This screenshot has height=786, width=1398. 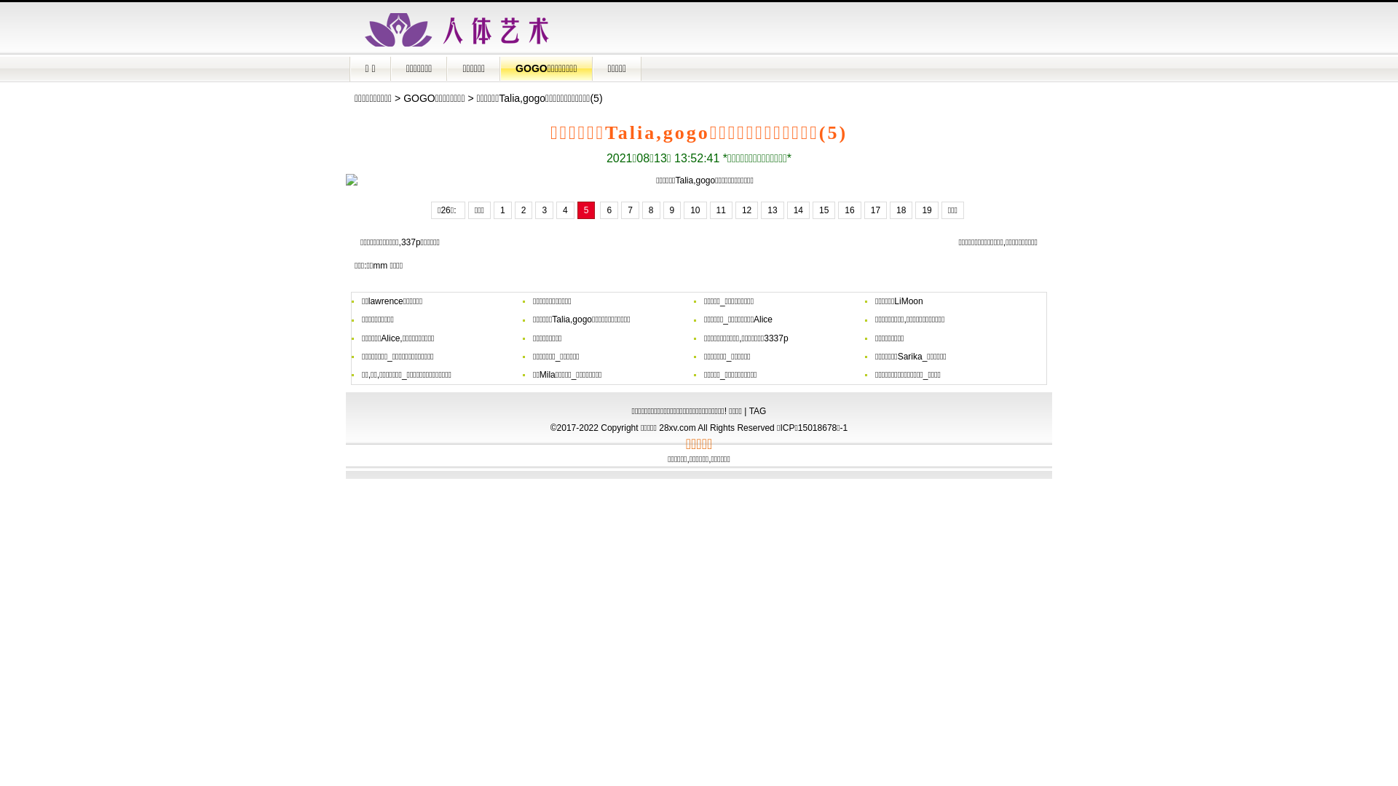 I want to click on '8', so click(x=650, y=210).